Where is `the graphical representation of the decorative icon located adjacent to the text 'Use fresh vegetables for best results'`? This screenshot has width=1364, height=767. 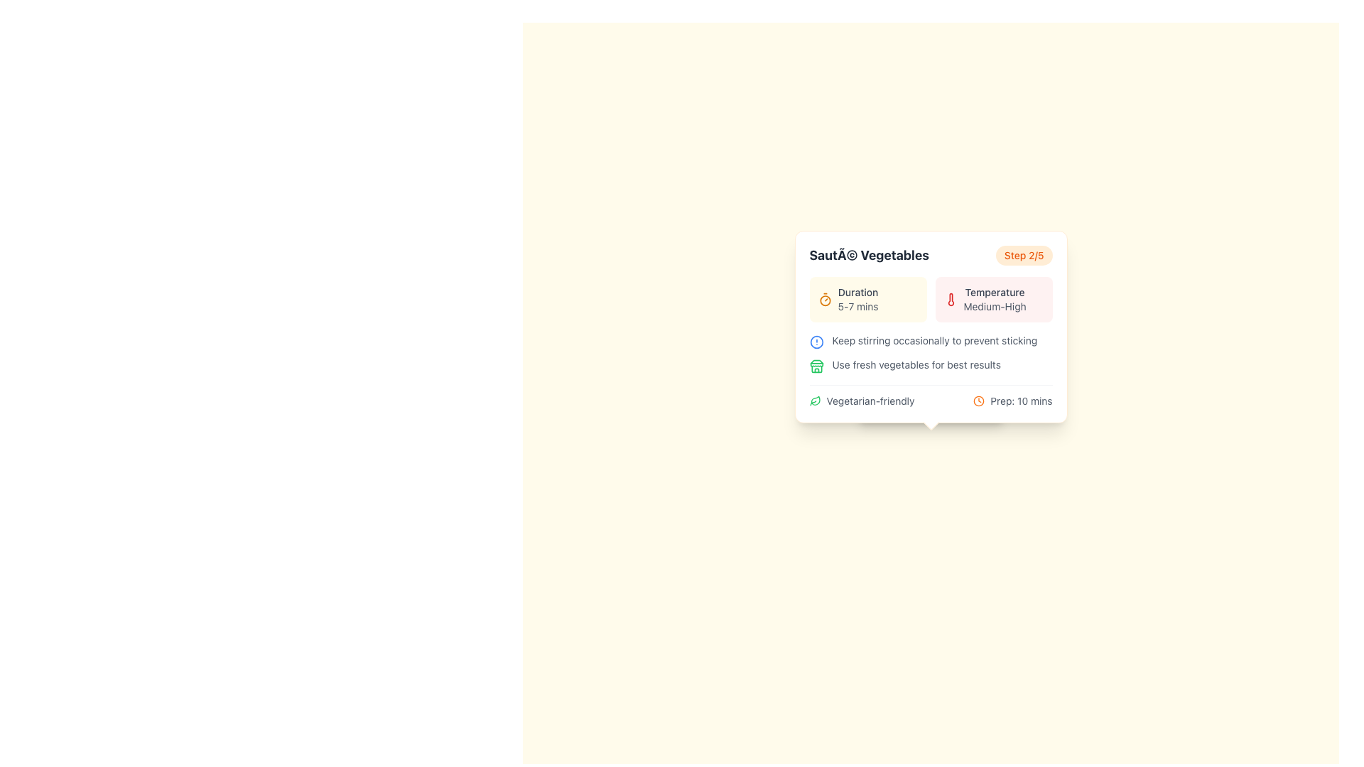 the graphical representation of the decorative icon located adjacent to the text 'Use fresh vegetables for best results' is located at coordinates (816, 366).